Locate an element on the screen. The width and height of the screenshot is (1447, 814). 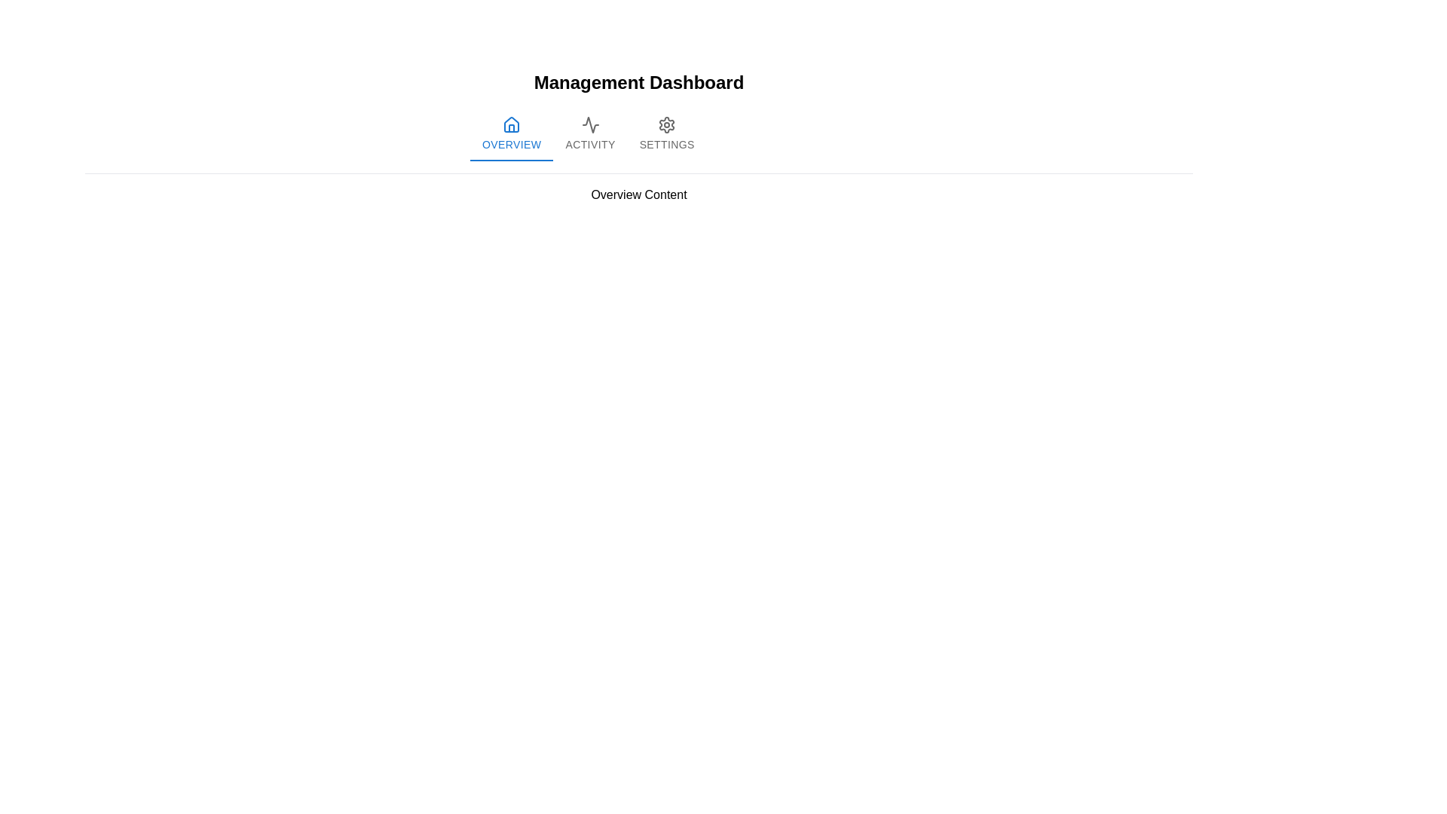
the 'Settings' button, which is the third tab in a horizontal list of tabs is located at coordinates (666, 133).